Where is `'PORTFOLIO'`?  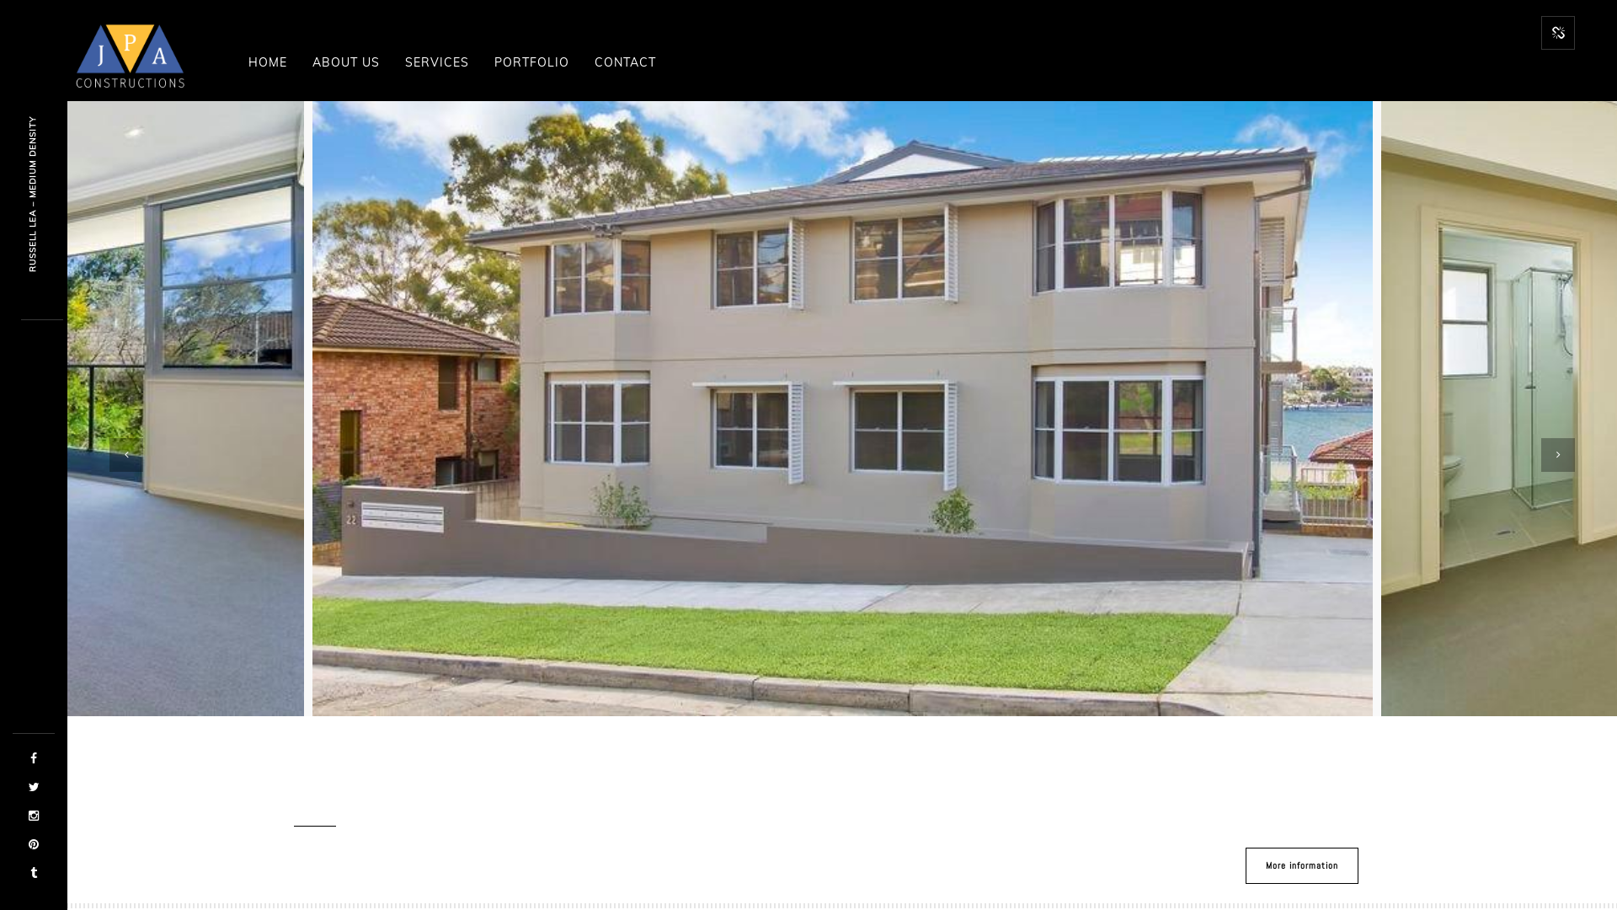 'PORTFOLIO' is located at coordinates (531, 61).